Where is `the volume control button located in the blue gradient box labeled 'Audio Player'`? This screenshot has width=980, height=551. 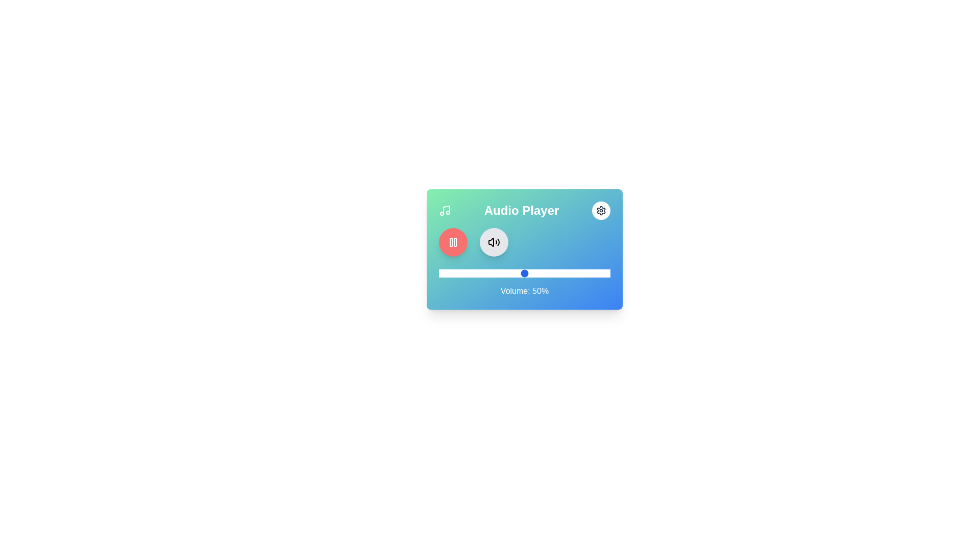
the volume control button located in the blue gradient box labeled 'Audio Player' is located at coordinates (494, 242).